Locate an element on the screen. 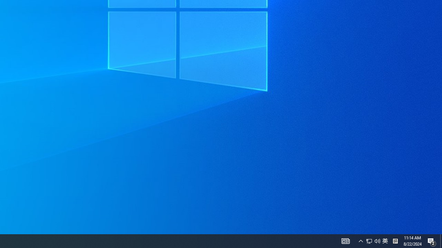 Image resolution: width=442 pixels, height=248 pixels. 'AutomationID: 4105' is located at coordinates (345, 240).